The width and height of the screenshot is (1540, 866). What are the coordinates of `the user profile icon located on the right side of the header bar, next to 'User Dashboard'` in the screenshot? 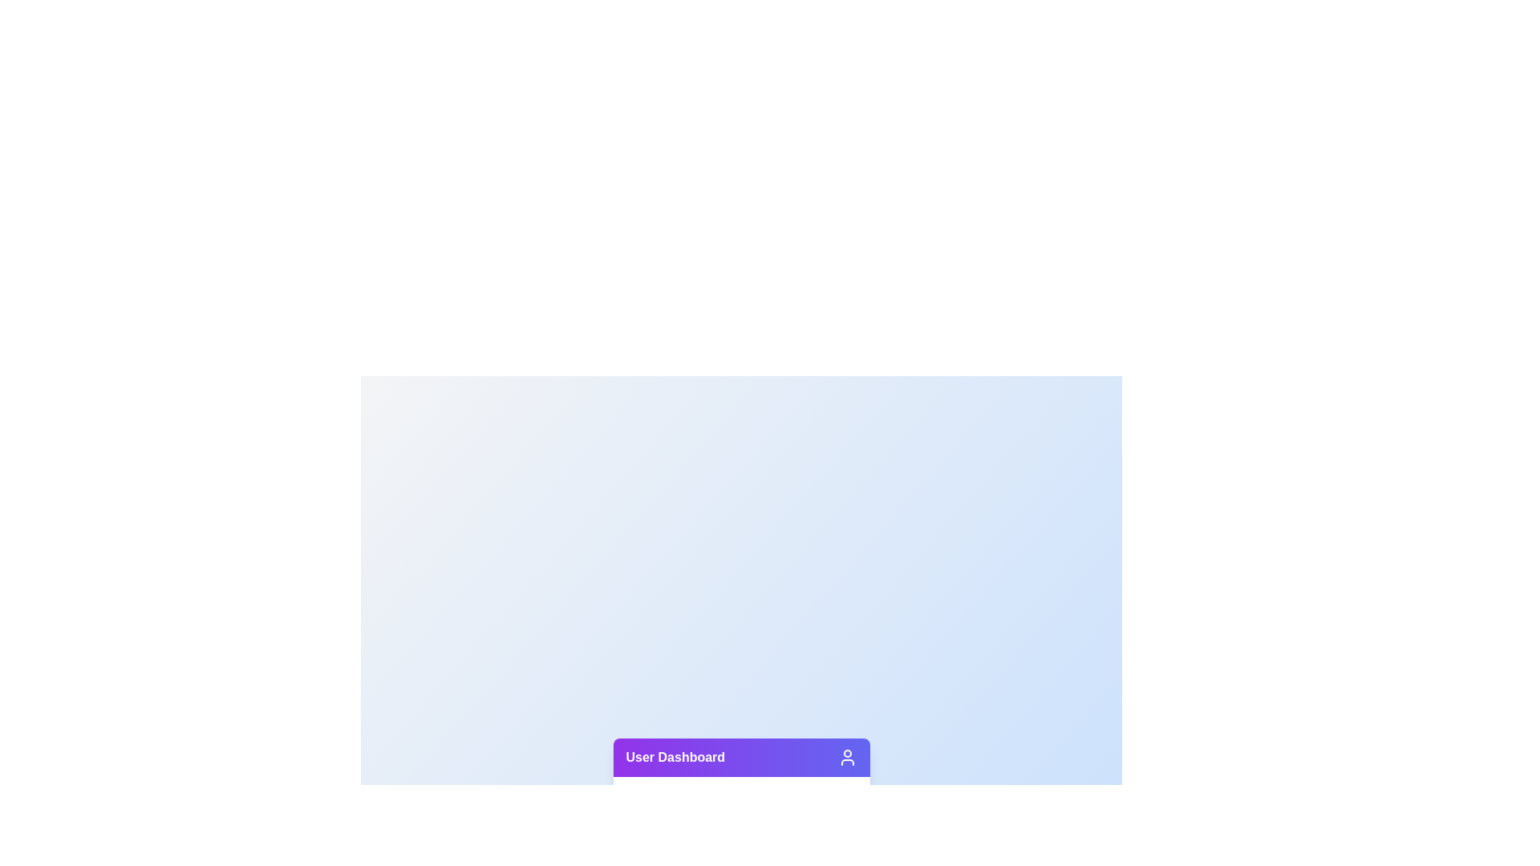 It's located at (846, 758).